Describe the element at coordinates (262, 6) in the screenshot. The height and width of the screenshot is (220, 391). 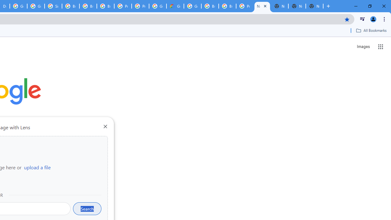
I see `'New Tab'` at that location.